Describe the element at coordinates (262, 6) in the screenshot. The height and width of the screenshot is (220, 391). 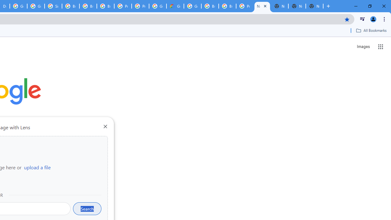
I see `'New Tab'` at that location.